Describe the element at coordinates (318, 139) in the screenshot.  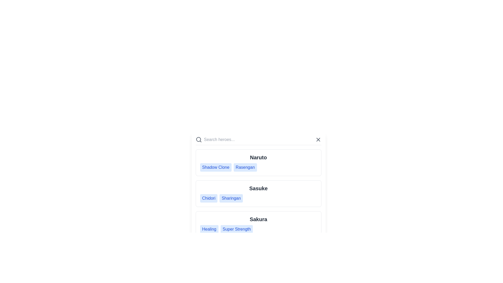
I see `the close icon, a small cross styled with a thin, rounded, monochromatic line located in the top-right corner of the interface near the 'Search heroes...' text input field` at that location.